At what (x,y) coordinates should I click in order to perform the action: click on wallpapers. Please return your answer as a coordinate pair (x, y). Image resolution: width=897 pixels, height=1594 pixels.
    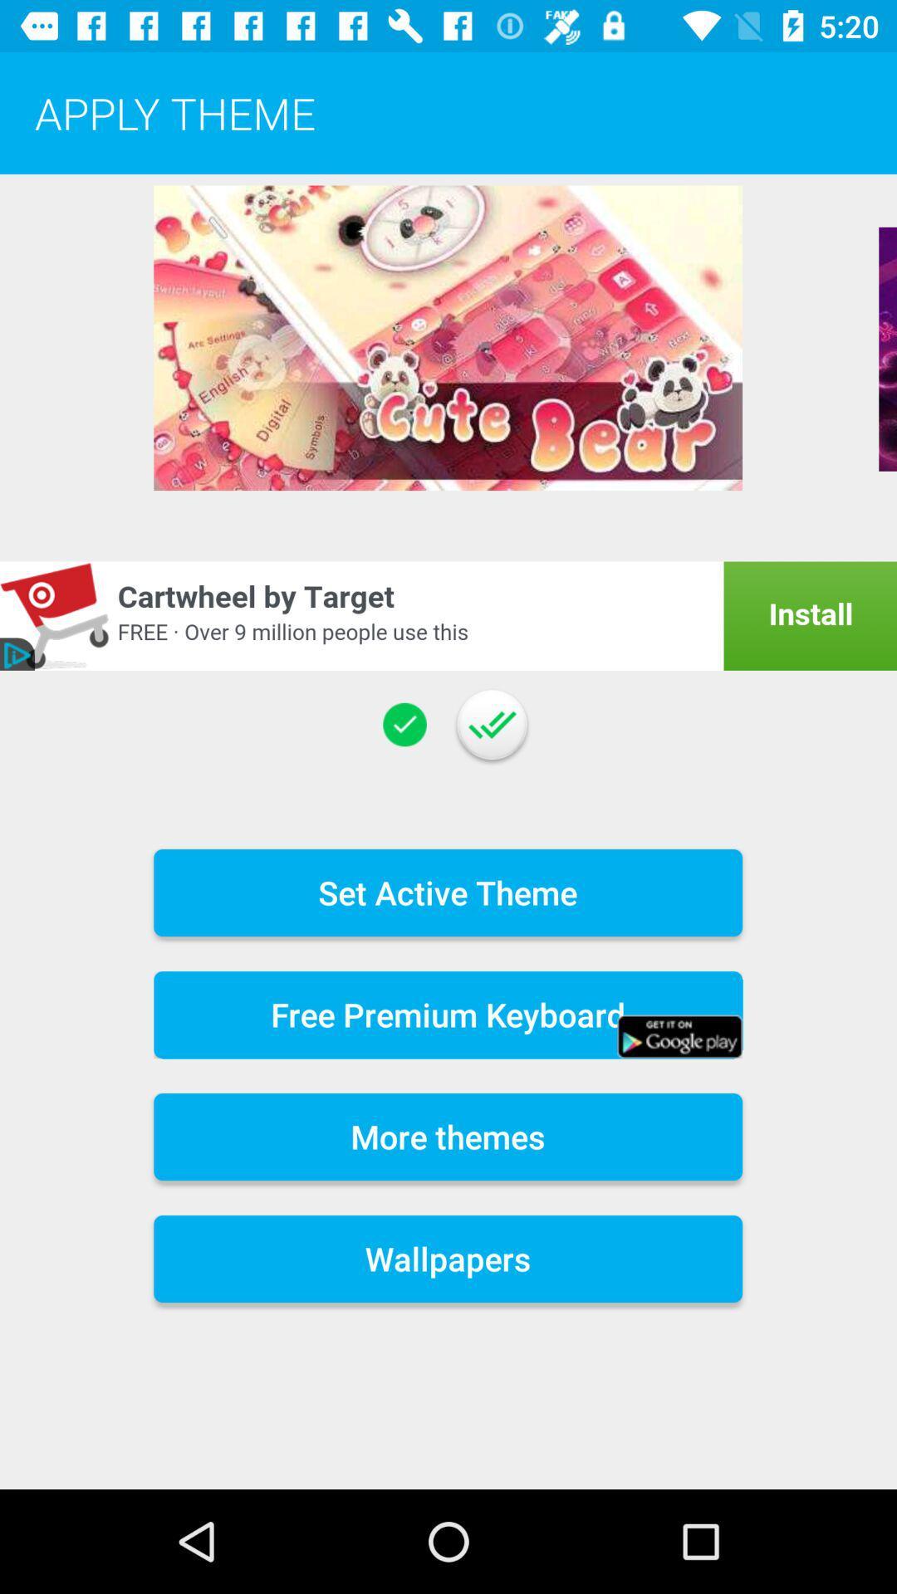
    Looking at the image, I should click on (447, 1259).